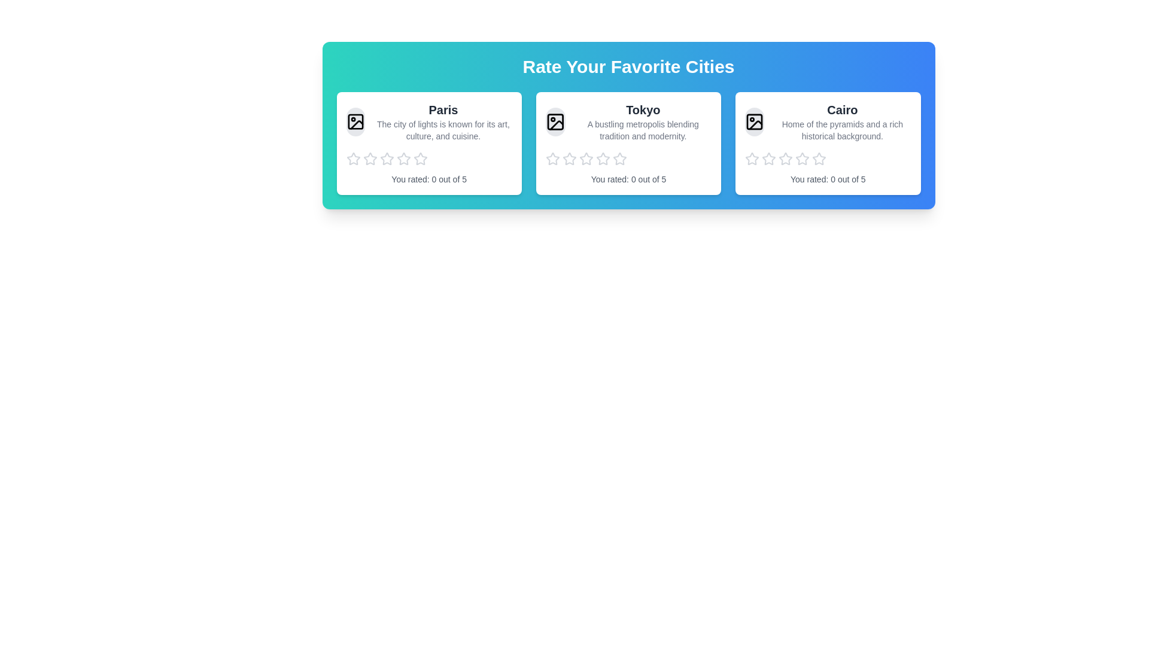 The width and height of the screenshot is (1149, 646). Describe the element at coordinates (442, 130) in the screenshot. I see `the text label that reads 'The city of lights is known for its art, culture, and cuisine.' which is styled in light-gray color and positioned below the heading 'Paris' in the leftmost card` at that location.